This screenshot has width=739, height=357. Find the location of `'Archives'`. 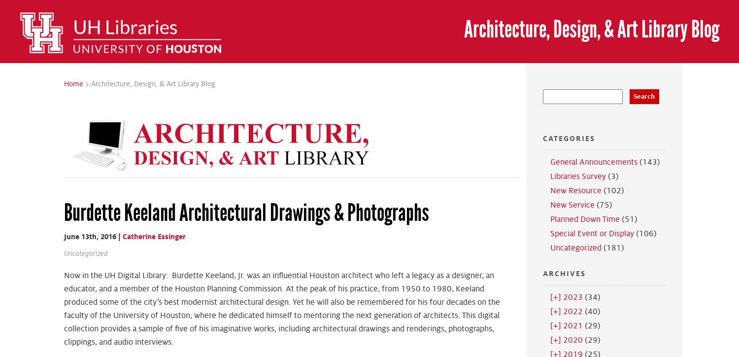

'Archives' is located at coordinates (564, 274).